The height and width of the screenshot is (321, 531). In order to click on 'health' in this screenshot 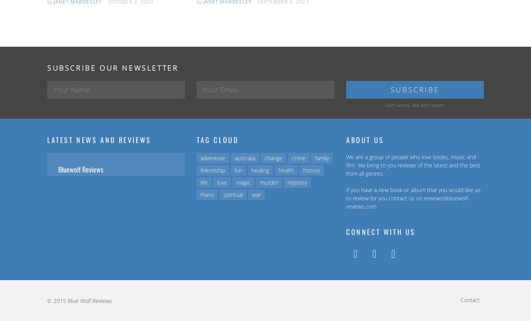, I will do `click(286, 170)`.